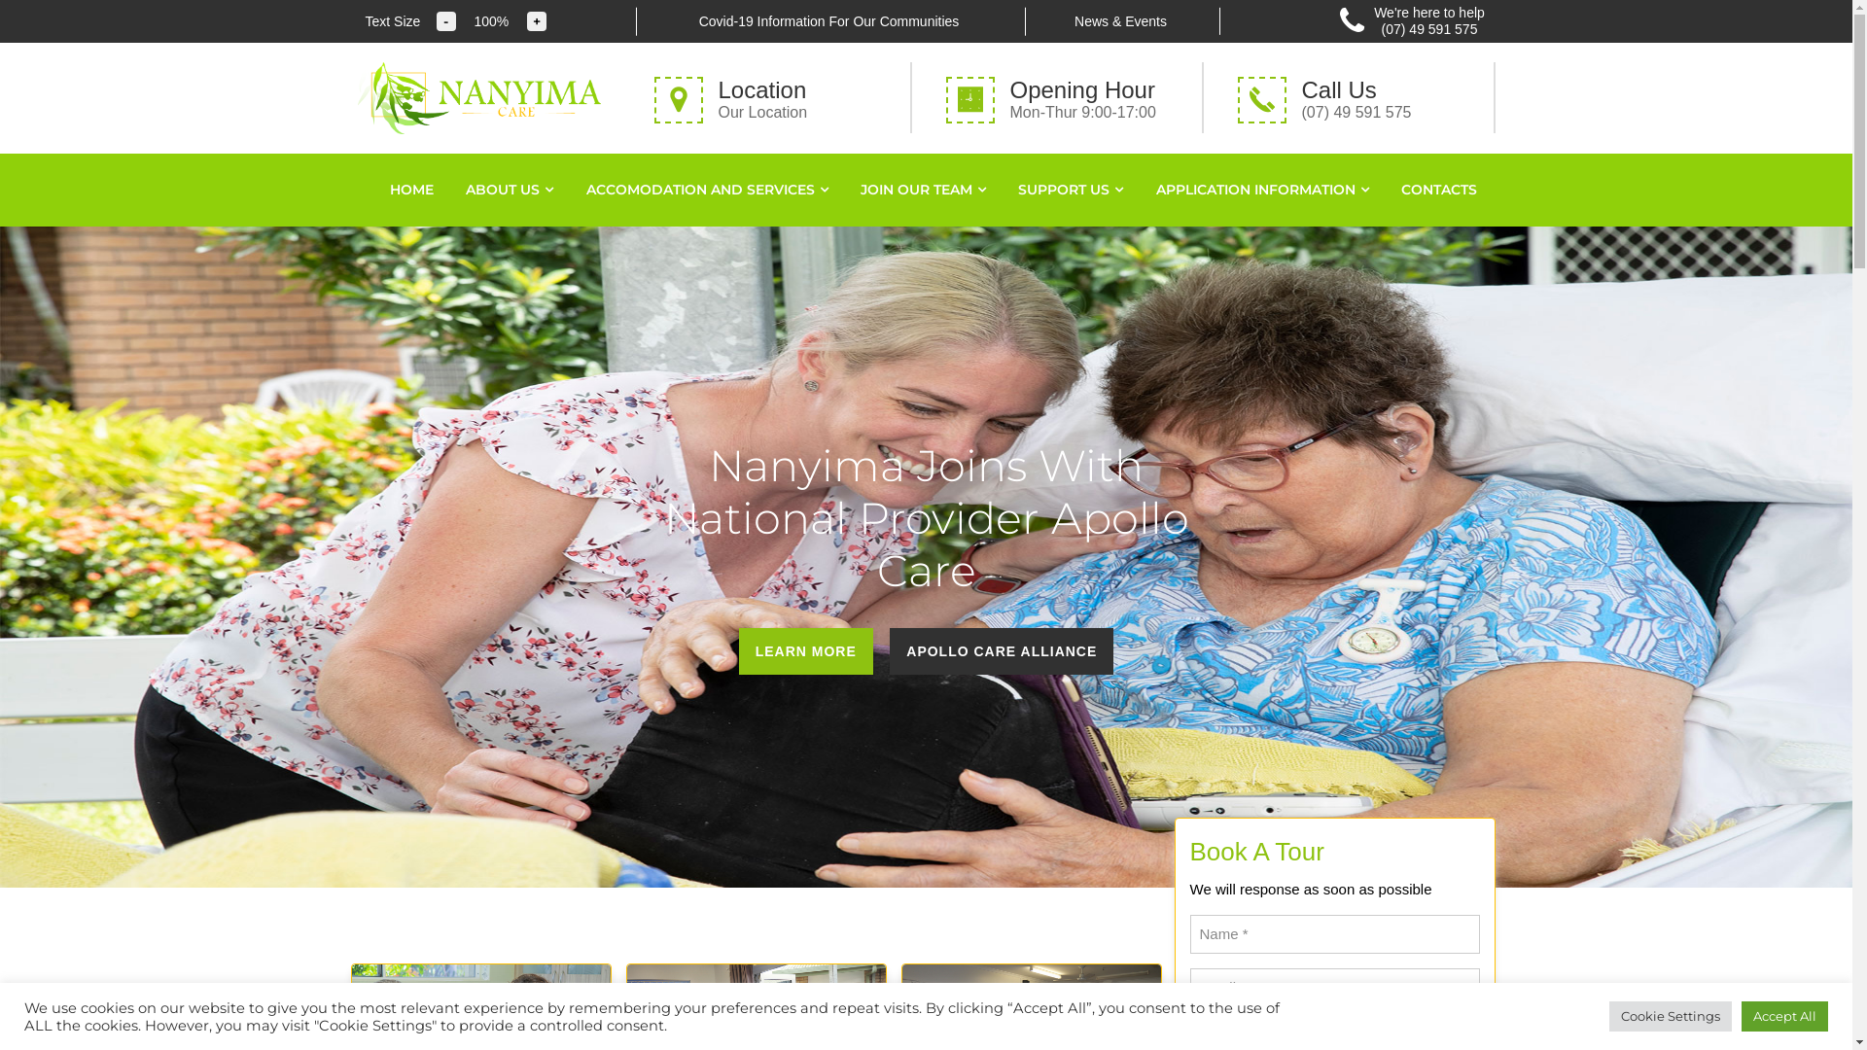 The height and width of the screenshot is (1050, 1867). Describe the element at coordinates (1361, 97) in the screenshot. I see `'Call Us` at that location.